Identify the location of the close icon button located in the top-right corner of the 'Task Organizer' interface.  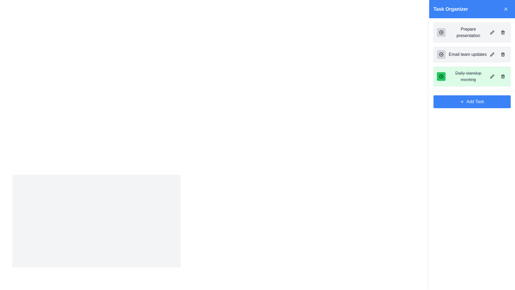
(506, 9).